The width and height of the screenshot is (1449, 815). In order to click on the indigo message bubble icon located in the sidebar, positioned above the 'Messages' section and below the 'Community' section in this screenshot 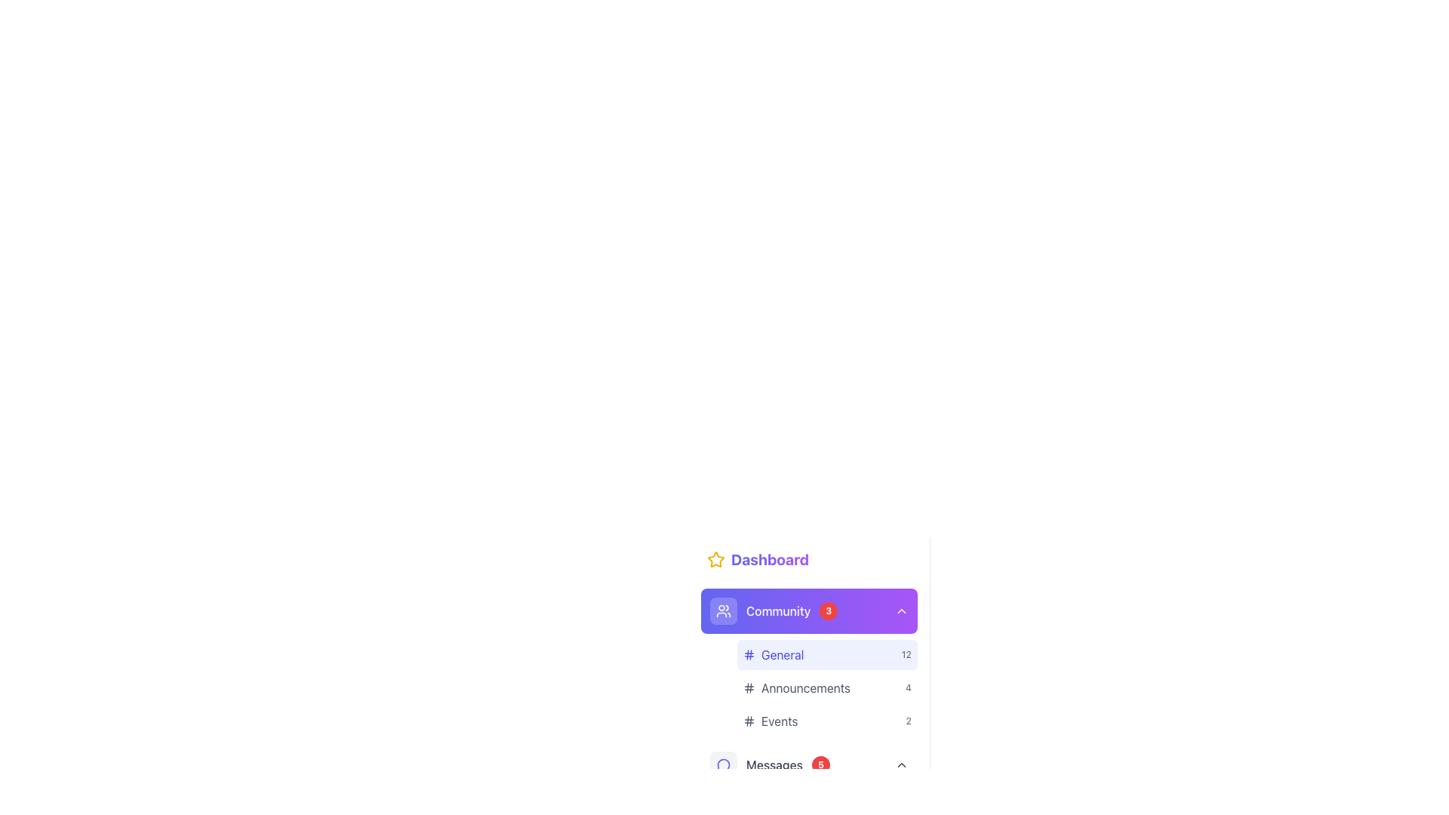, I will do `click(722, 765)`.